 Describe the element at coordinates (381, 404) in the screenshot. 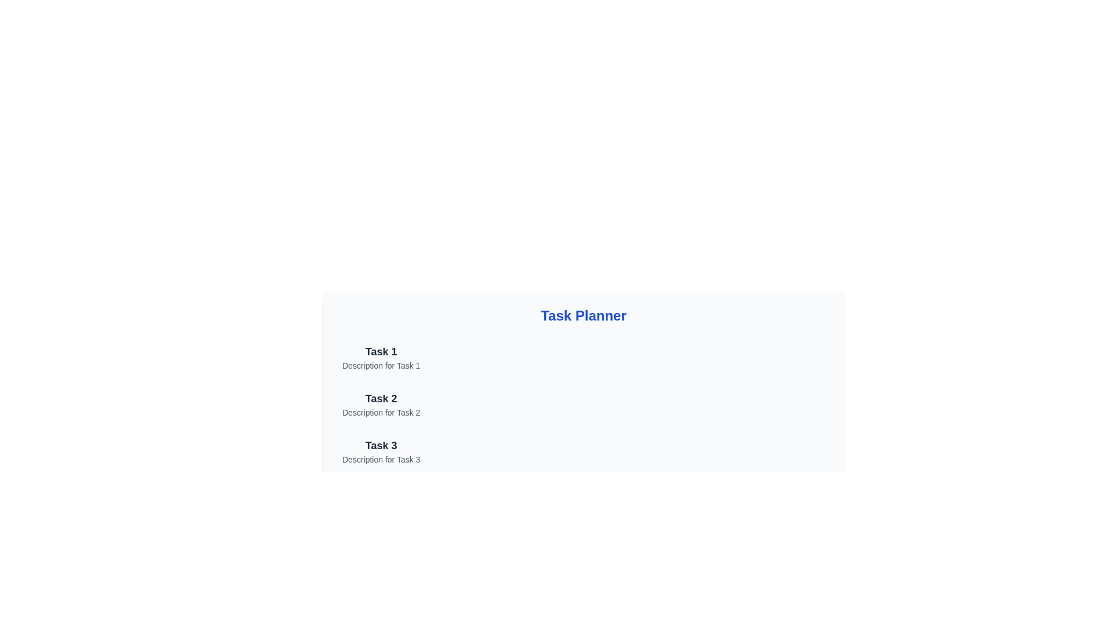

I see `the Text block element titled 'Task 2' which contains a larger bold text 'Task 2' and a smaller text 'Description for Task 2', positioned in the middle of a vertically stacked list within a task planner interface` at that location.